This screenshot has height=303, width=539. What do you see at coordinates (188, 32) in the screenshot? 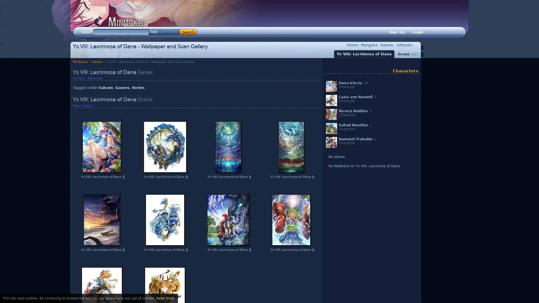
I see `Search` at bounding box center [188, 32].